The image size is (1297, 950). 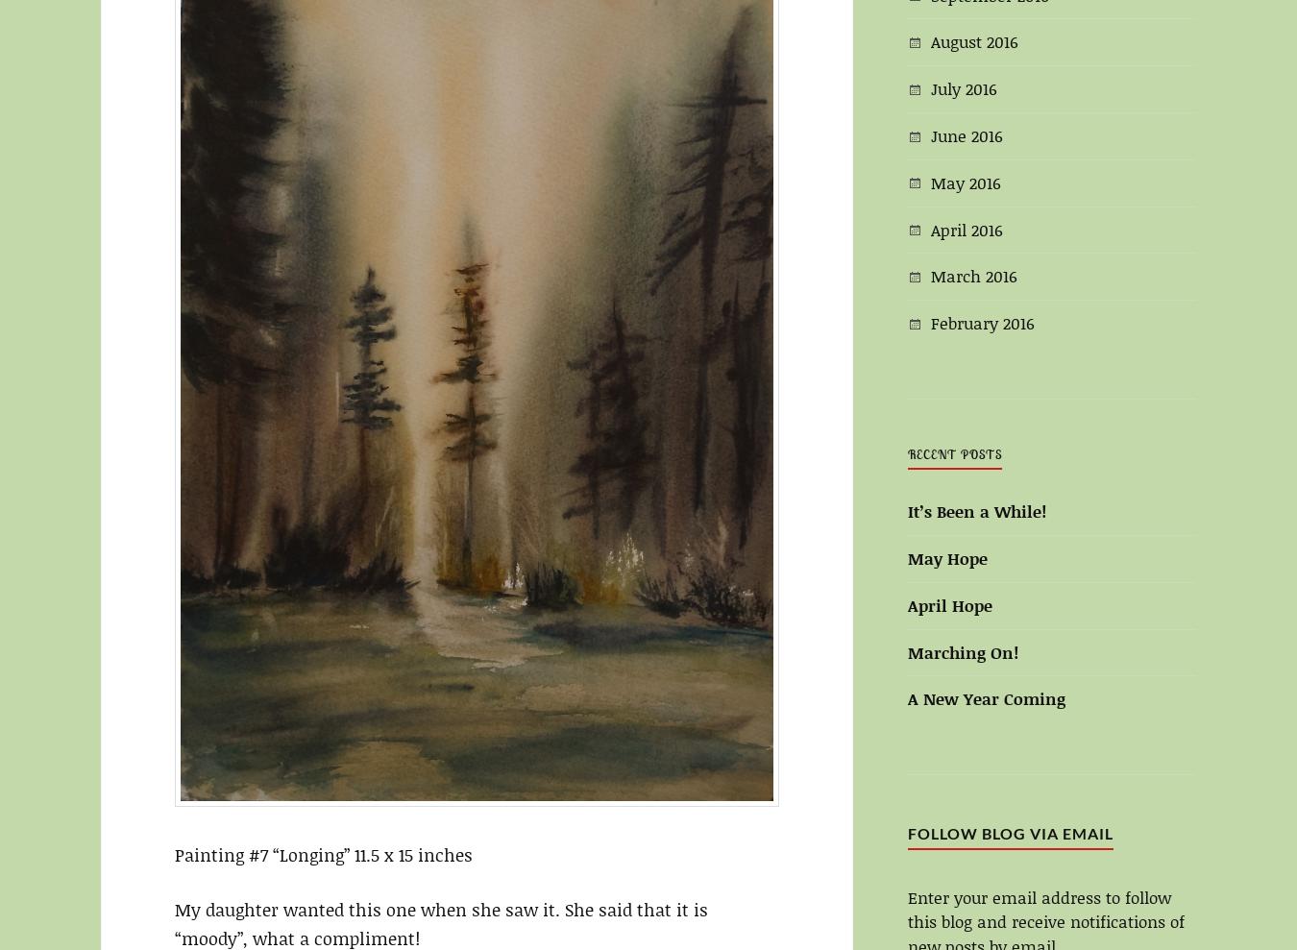 What do you see at coordinates (983, 321) in the screenshot?
I see `'February 2016'` at bounding box center [983, 321].